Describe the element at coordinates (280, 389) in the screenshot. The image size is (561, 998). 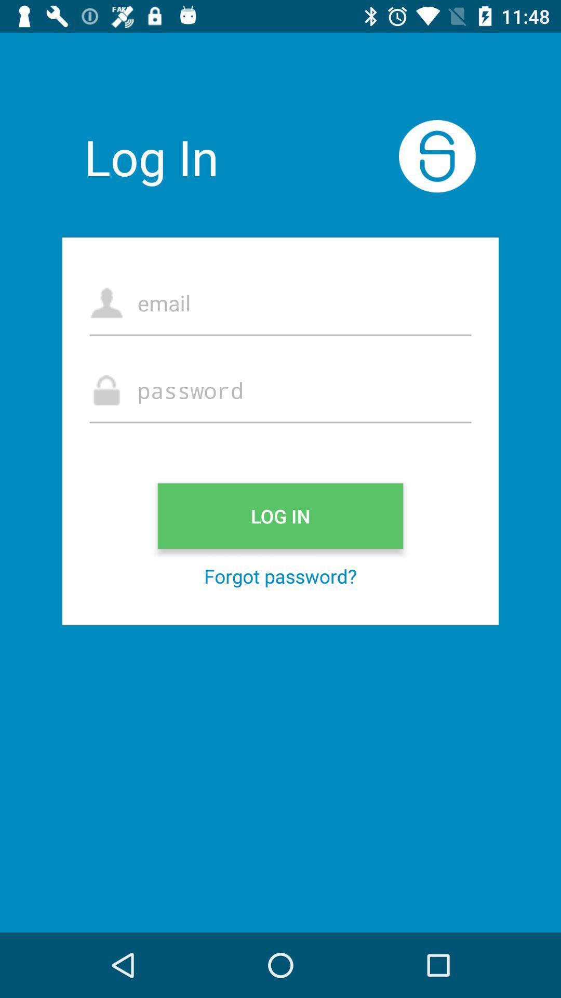
I see `type password` at that location.